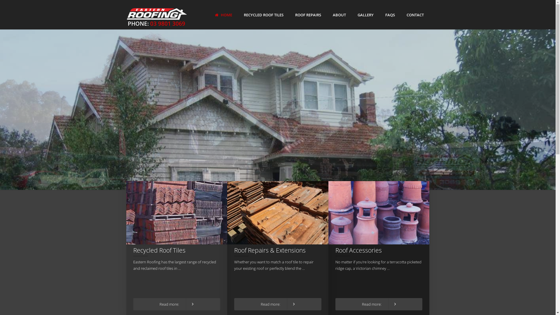 The image size is (560, 315). I want to click on 'Read more:', so click(277, 304).